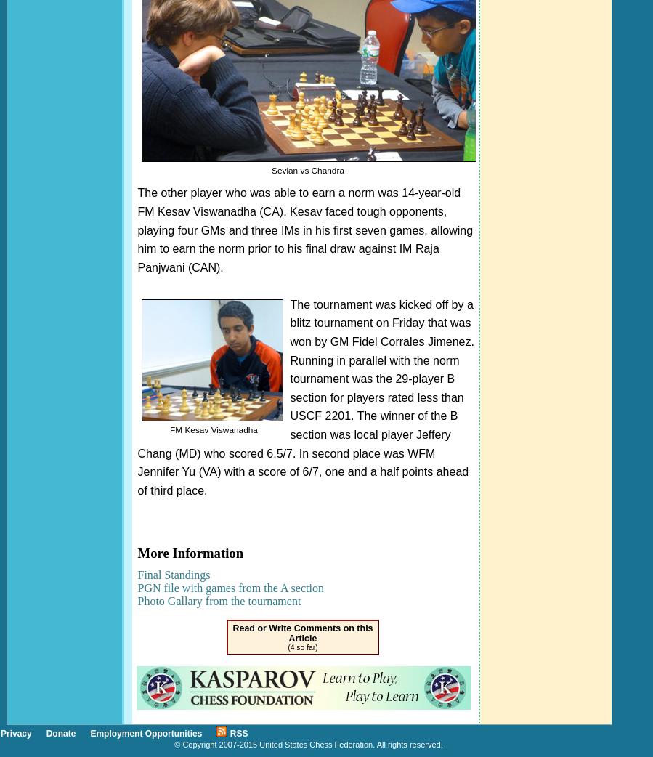  I want to click on 'The tournament was kicked off by a blitz tournament on Friday that was won by GM Fidel Corrales Jimenez. Running in parallel with the norm tournament was the 29-player B section for players rated less than USCF 2201. The winner of the B section was local player Jeffery Chang (MD) who scored 6.5/7. In second place was WFM Jennifer Yu (VA) with a score of 6/7, one and a half points ahead of third place.', so click(137, 396).